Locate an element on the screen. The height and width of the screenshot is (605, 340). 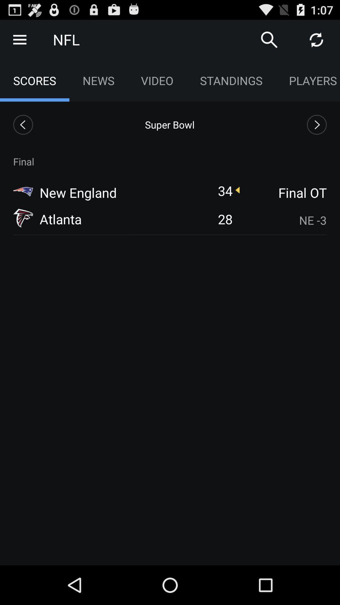
app on the right is located at coordinates (284, 220).